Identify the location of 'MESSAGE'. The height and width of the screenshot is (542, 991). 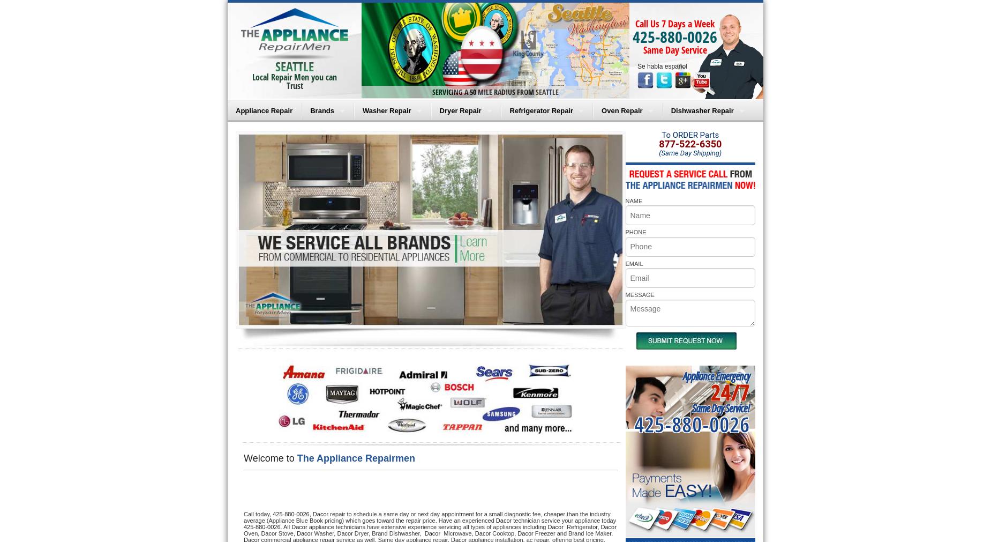
(639, 294).